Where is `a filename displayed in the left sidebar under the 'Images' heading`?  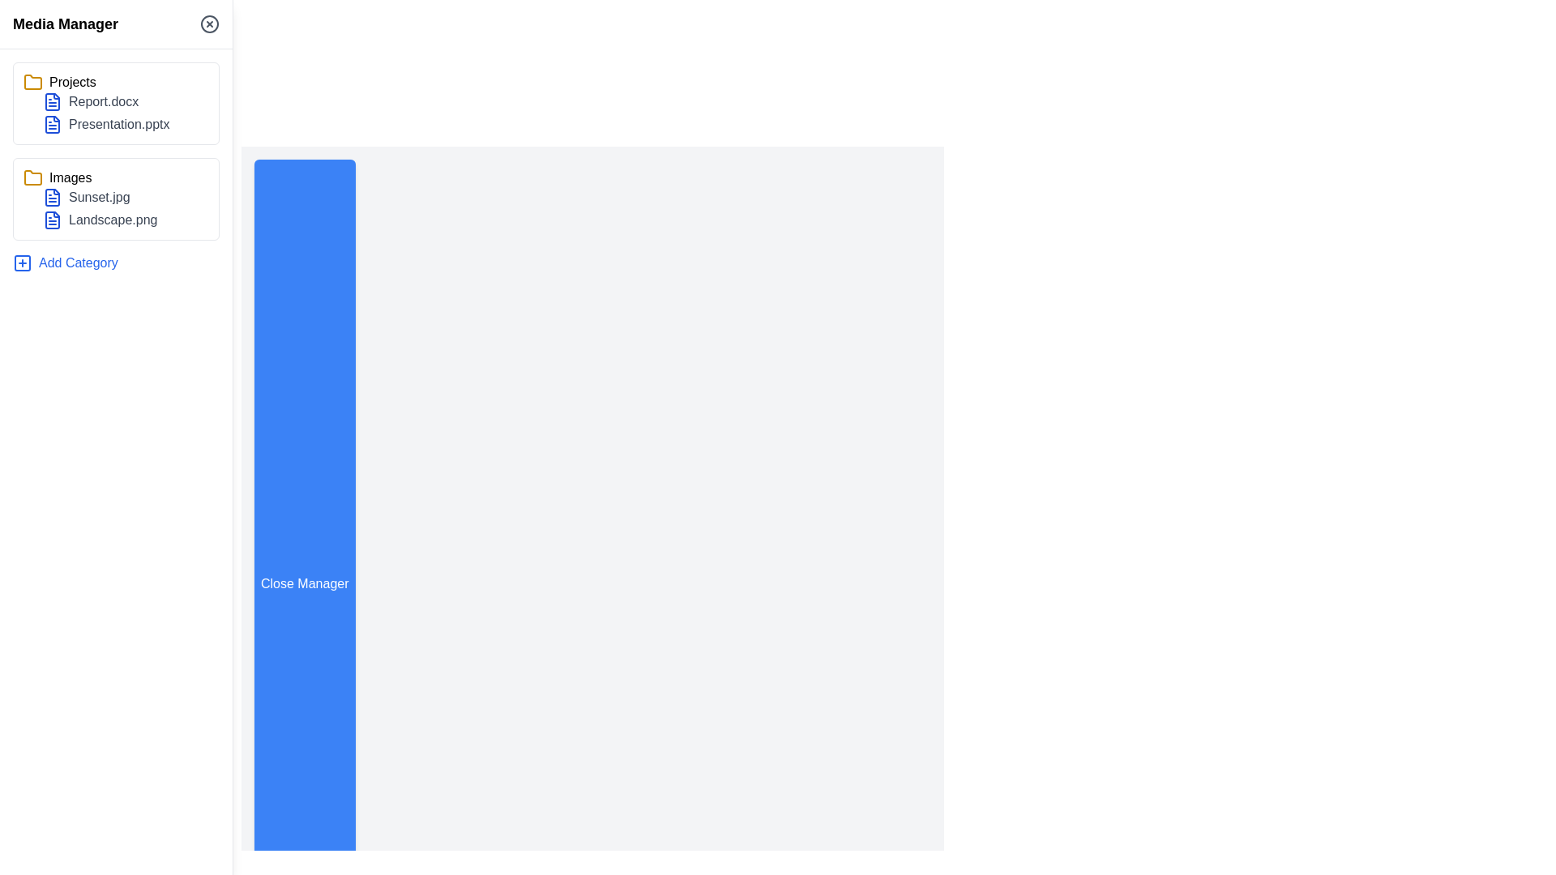 a filename displayed in the left sidebar under the 'Images' heading is located at coordinates (115, 208).